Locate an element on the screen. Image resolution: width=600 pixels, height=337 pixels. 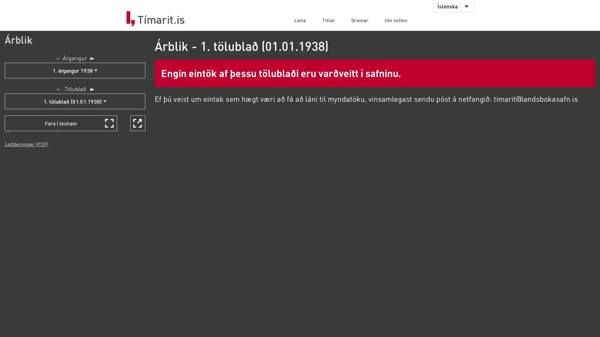
Fara i lesham is located at coordinates (61, 123).